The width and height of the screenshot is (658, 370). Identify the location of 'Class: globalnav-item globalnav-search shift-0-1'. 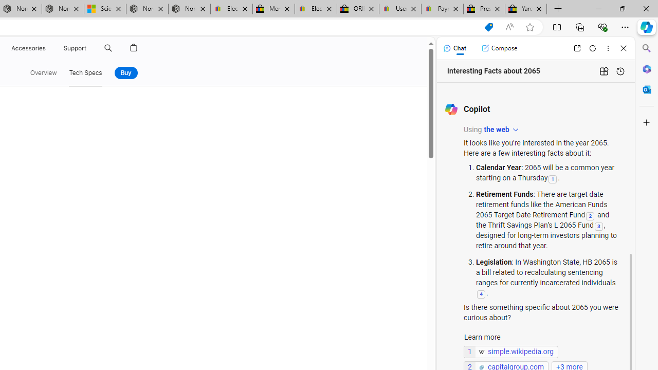
(108, 48).